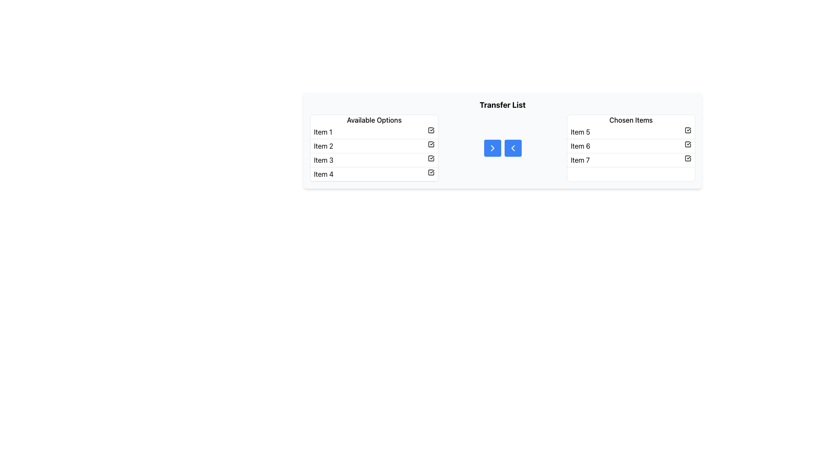 The image size is (819, 460). I want to click on the third row labeled 'Item 3' in the 'Available Options' list, so click(374, 160).